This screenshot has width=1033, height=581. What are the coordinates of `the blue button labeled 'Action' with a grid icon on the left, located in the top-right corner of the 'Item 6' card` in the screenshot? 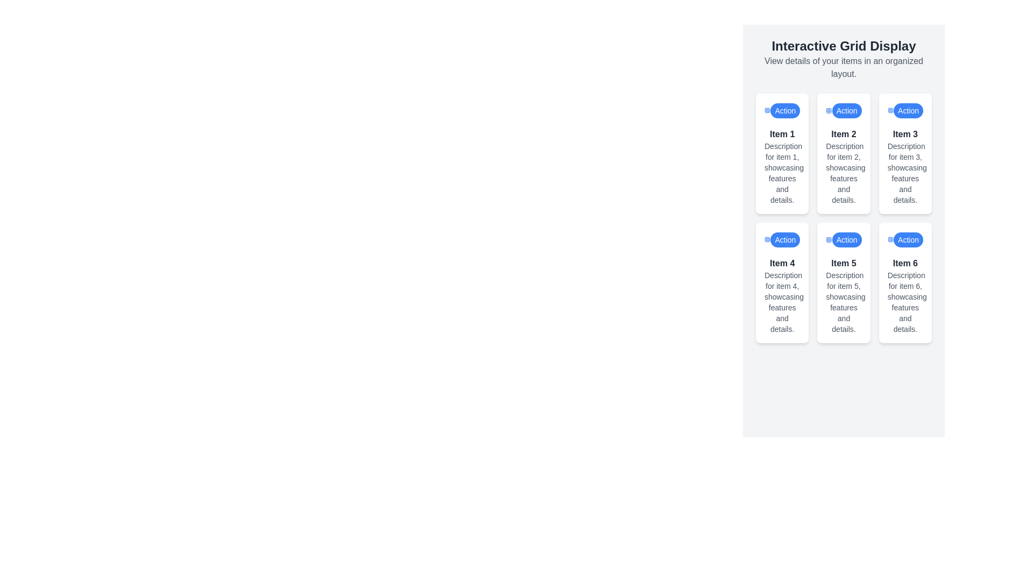 It's located at (904, 239).